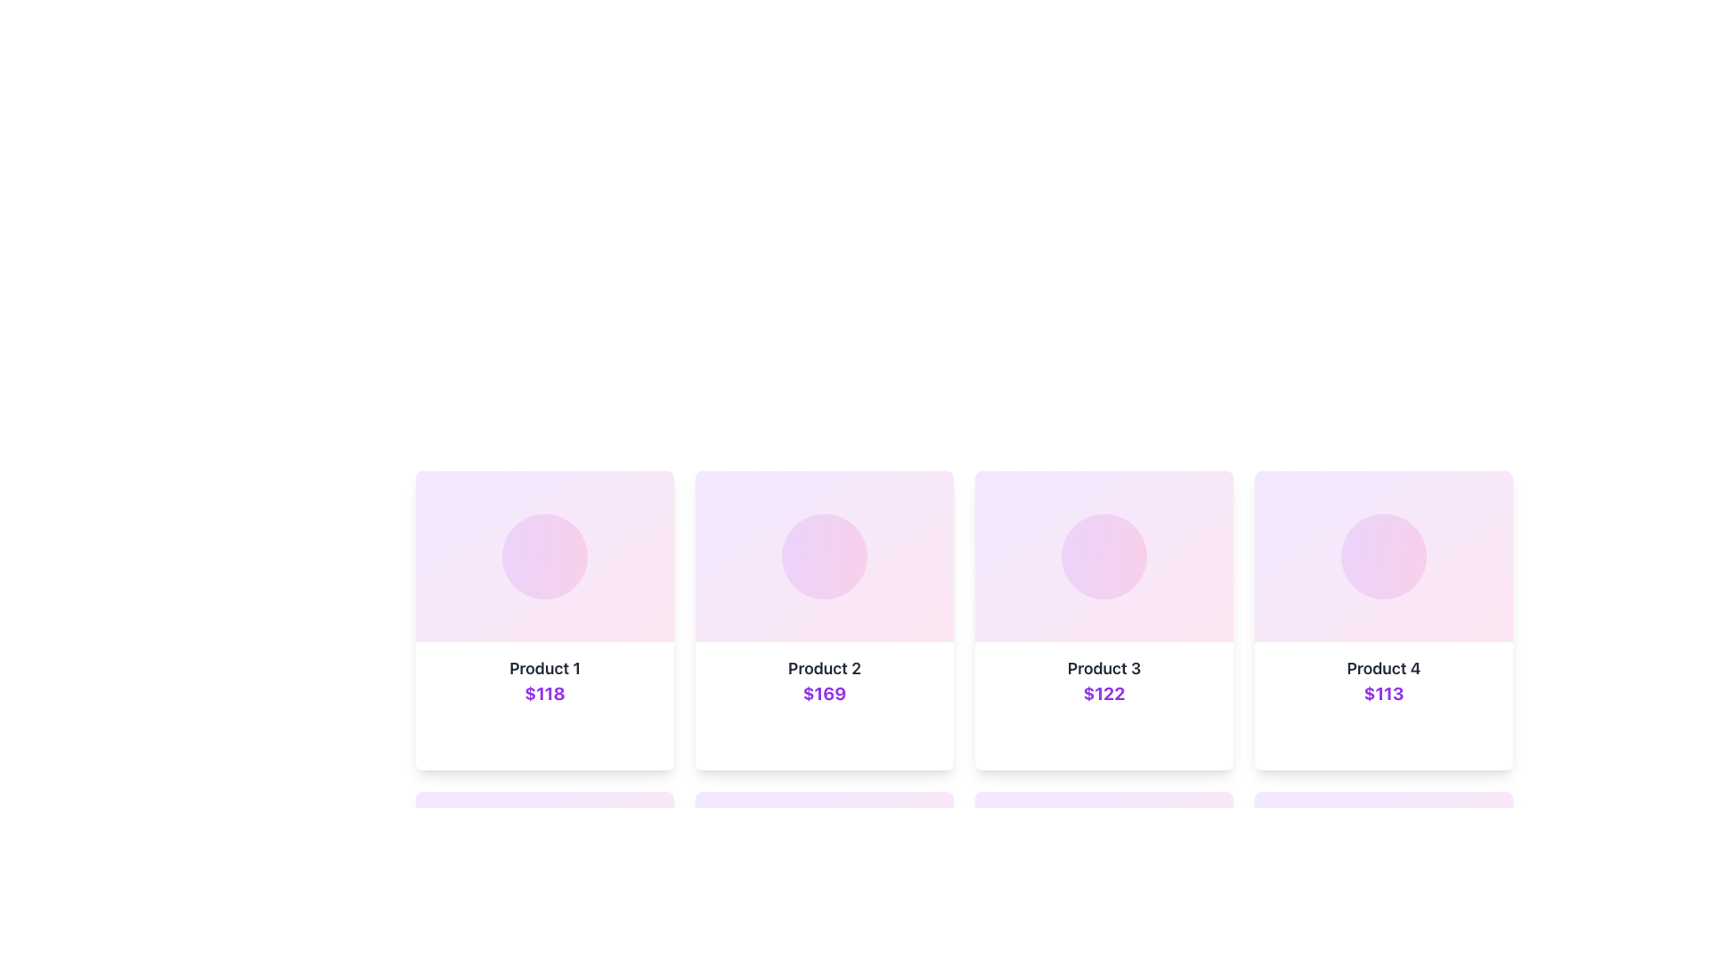  Describe the element at coordinates (824, 555) in the screenshot. I see `the circular gradient element with 20% opacity located in the 'Product 2' card, which is the second card in a row of four similar cards` at that location.